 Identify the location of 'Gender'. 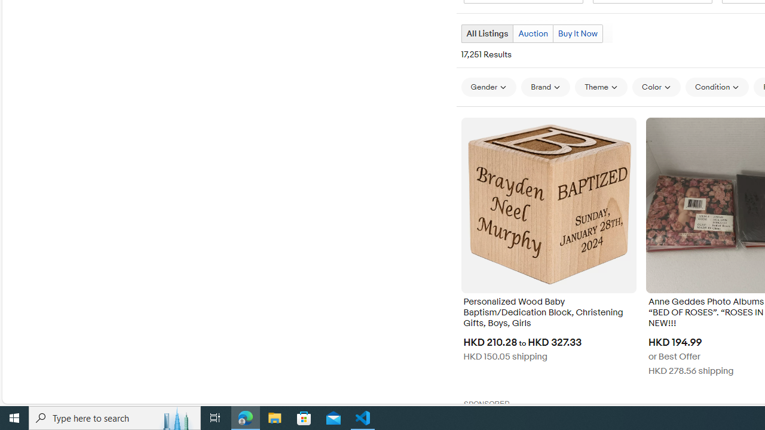
(488, 86).